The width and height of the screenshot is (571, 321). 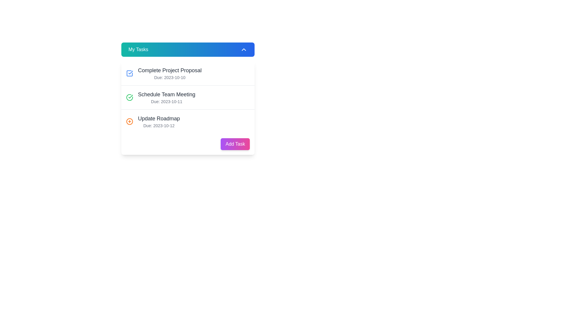 What do you see at coordinates (167, 101) in the screenshot?
I see `the due date text label for the task 'Schedule Team Meeting', which is positioned below the heading in the second item of the task list` at bounding box center [167, 101].